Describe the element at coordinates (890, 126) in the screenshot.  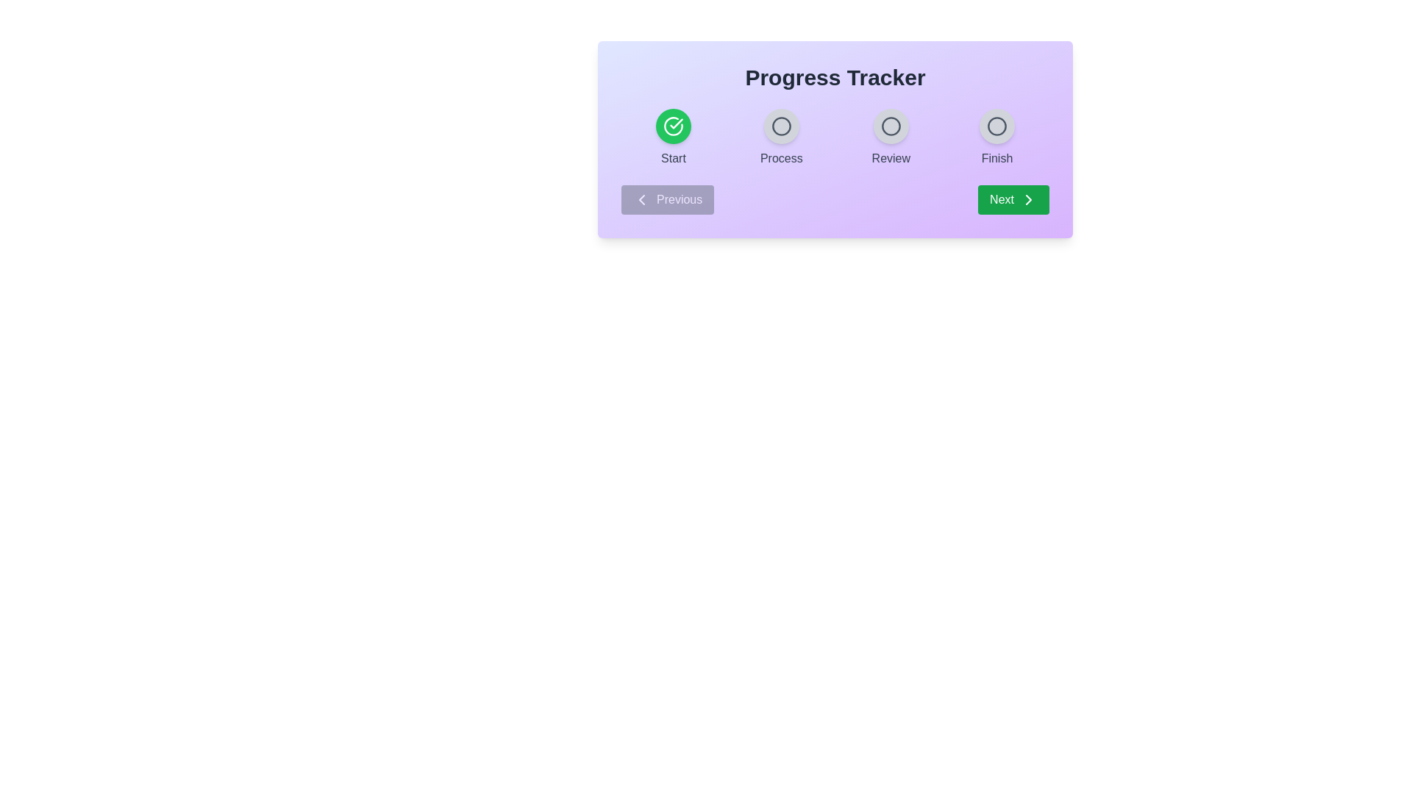
I see `the small circular shape in the 'Review' section of the progression tracker to interact with it` at that location.